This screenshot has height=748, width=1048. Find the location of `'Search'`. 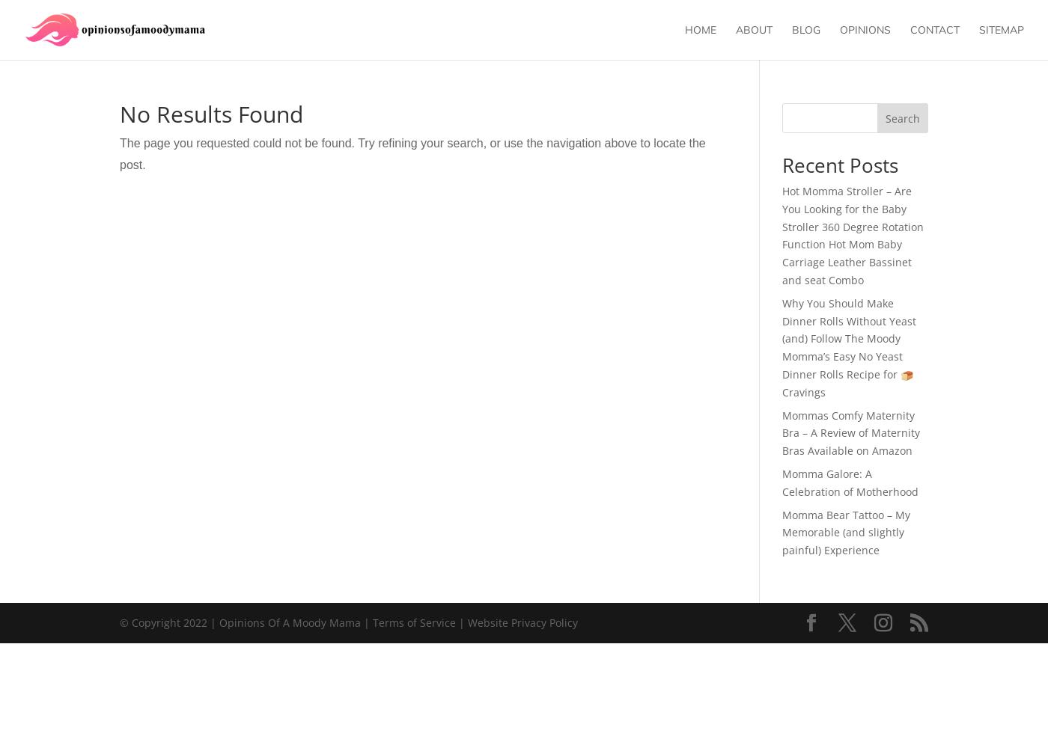

'Search' is located at coordinates (902, 117).